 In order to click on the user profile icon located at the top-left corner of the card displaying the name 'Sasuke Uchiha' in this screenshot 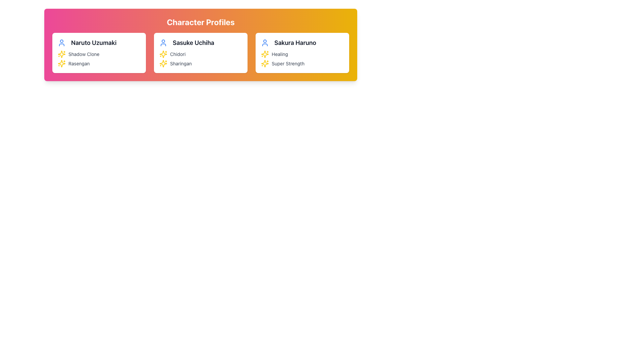, I will do `click(163, 43)`.